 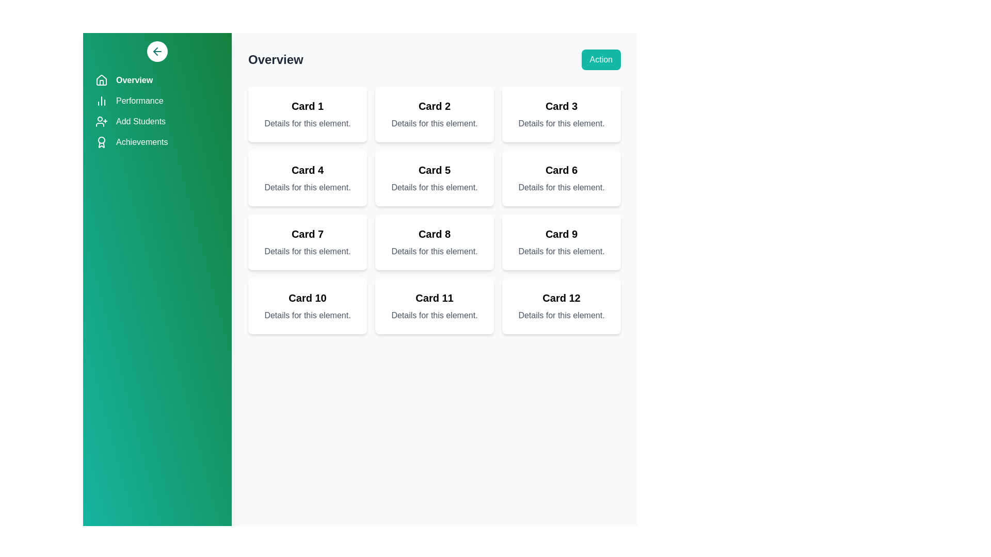 I want to click on the navigation item Add Students from the sidebar, so click(x=157, y=121).